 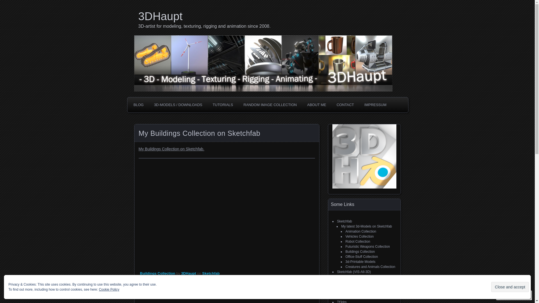 What do you see at coordinates (510, 287) in the screenshot?
I see `'Close and accept'` at bounding box center [510, 287].